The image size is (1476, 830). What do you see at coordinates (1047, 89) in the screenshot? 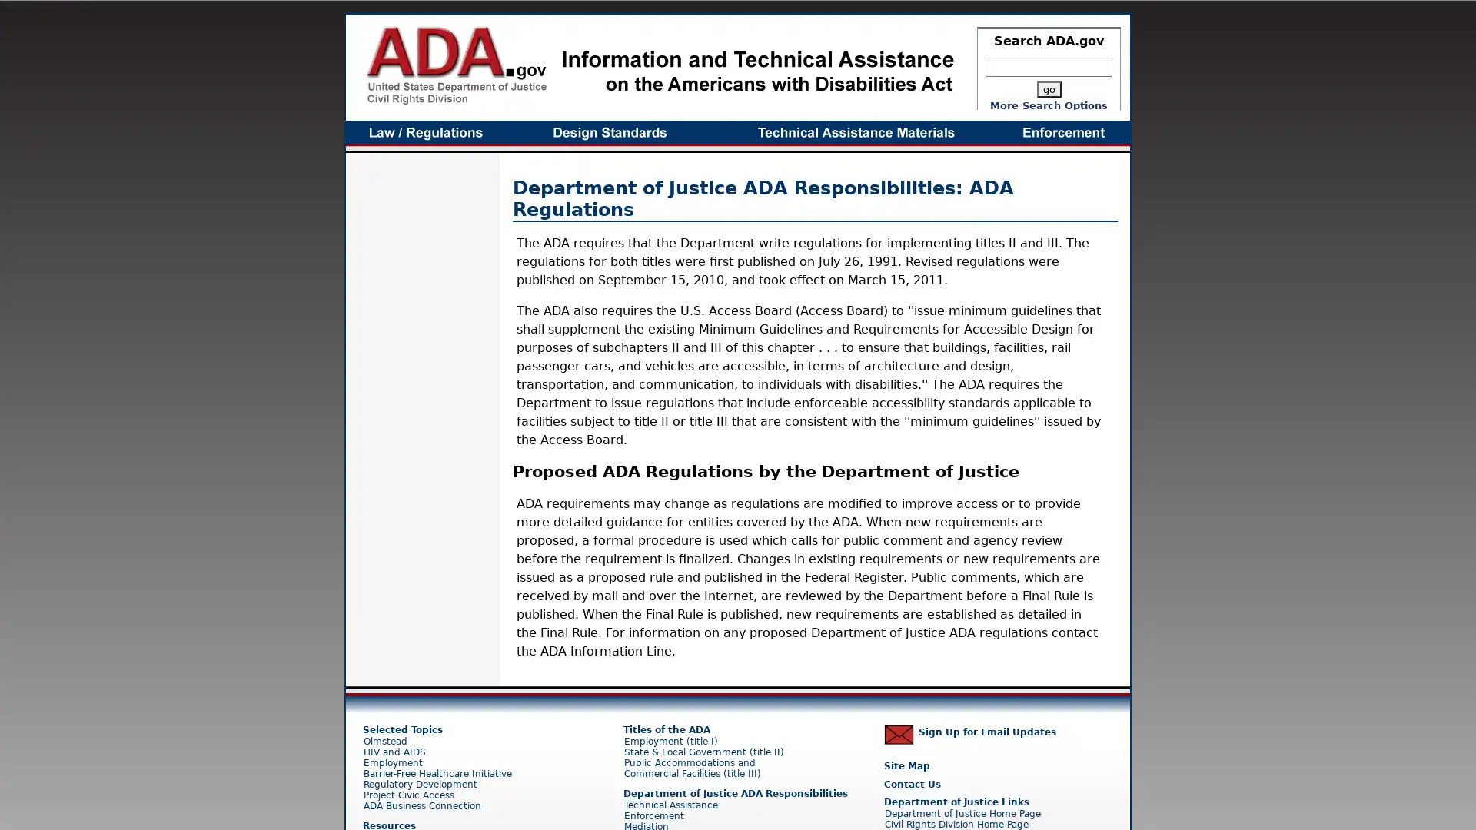
I see `go` at bounding box center [1047, 89].